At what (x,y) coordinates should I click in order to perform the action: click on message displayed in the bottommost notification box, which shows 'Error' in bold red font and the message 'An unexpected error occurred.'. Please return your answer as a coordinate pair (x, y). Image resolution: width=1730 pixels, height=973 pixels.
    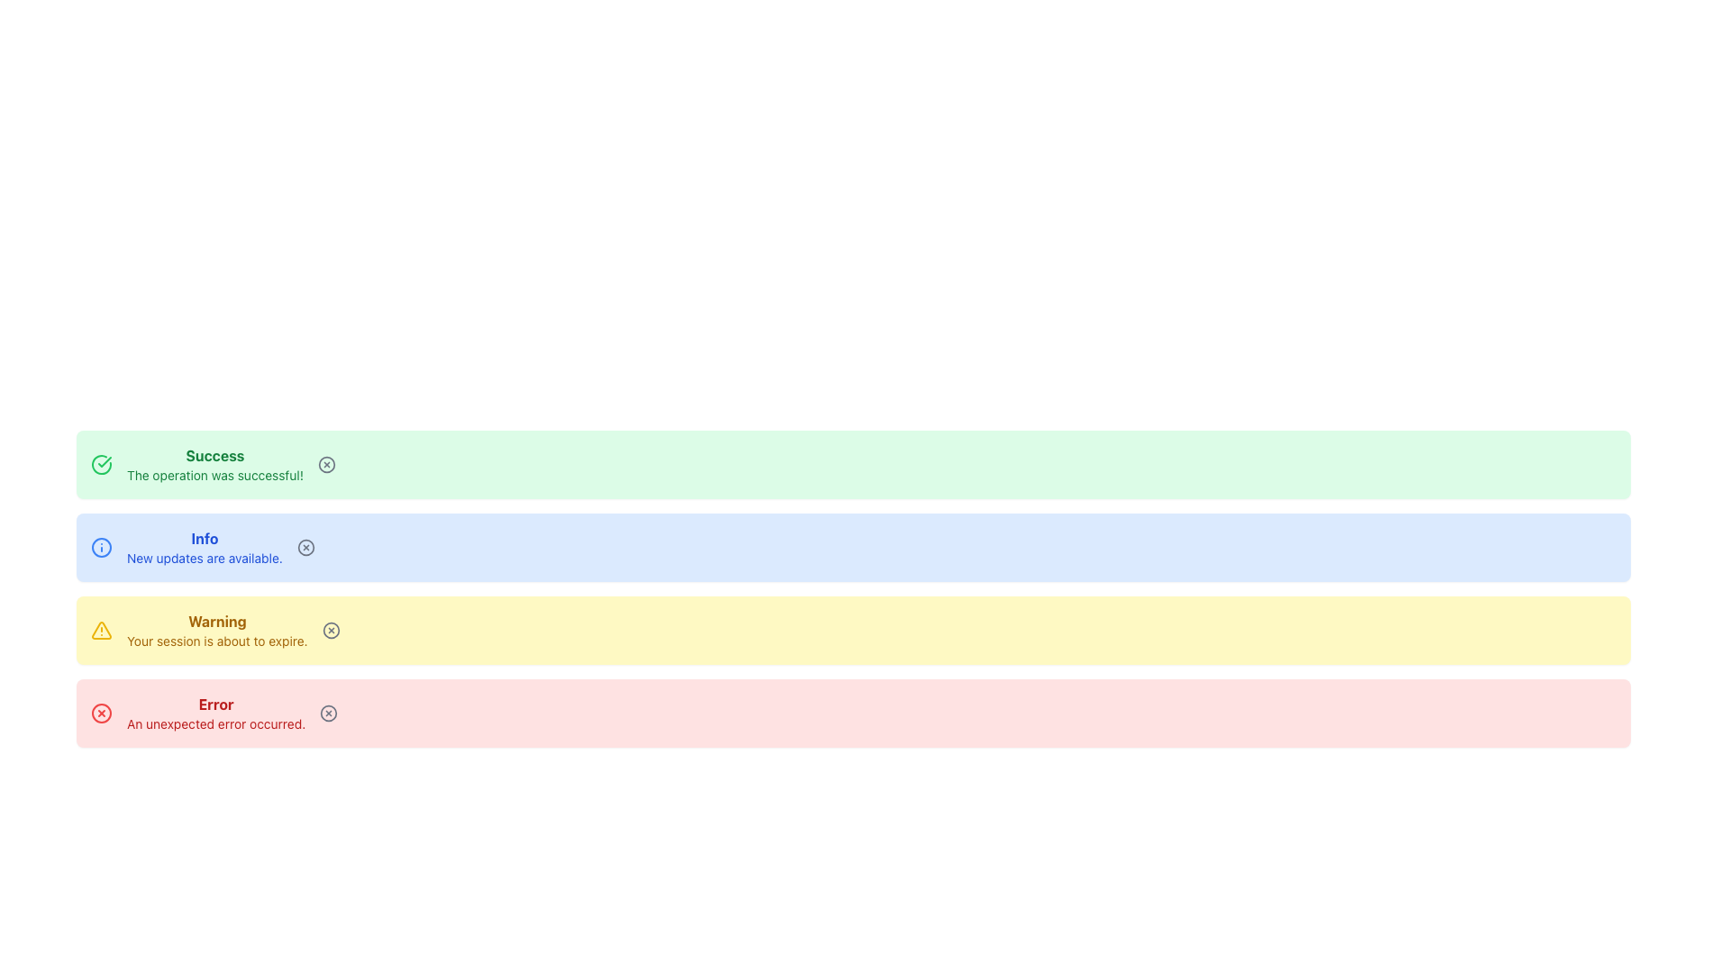
    Looking at the image, I should click on (216, 712).